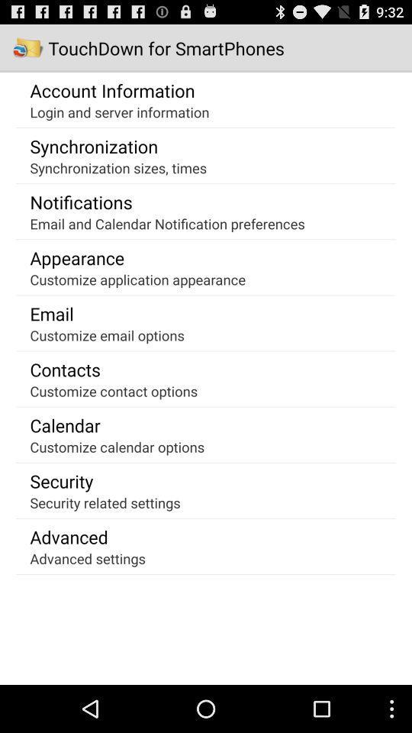 This screenshot has height=733, width=412. What do you see at coordinates (117, 167) in the screenshot?
I see `the synchronization sizes, times app` at bounding box center [117, 167].